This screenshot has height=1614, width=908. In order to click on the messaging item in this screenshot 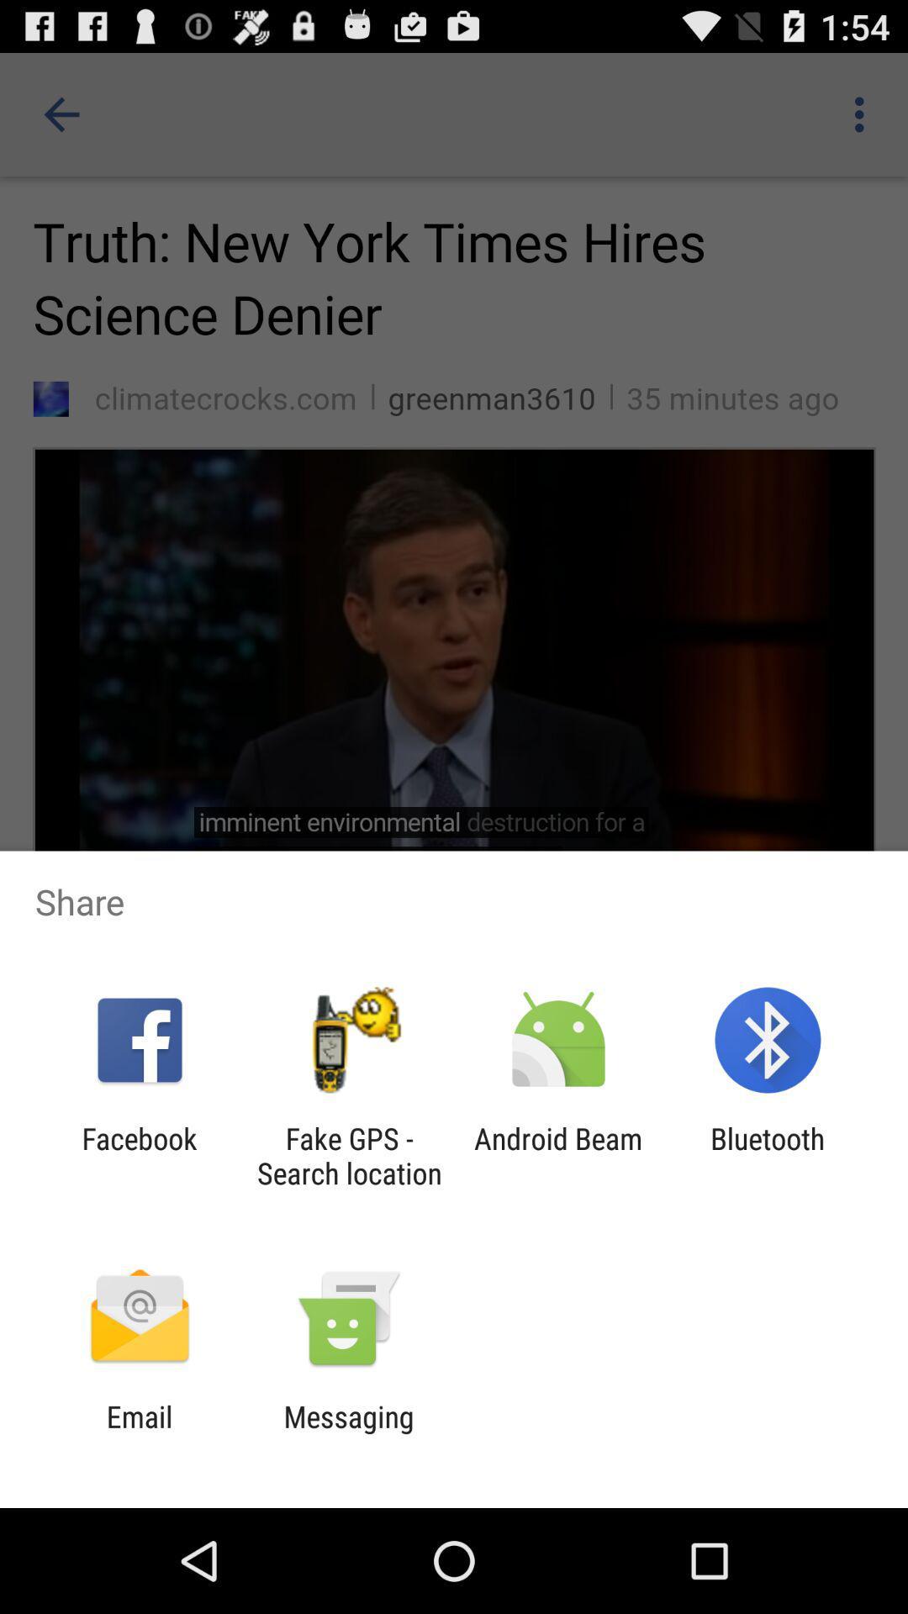, I will do `click(348, 1433)`.